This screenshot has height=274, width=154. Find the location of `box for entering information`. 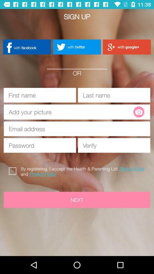

box for entering information is located at coordinates (39, 95).